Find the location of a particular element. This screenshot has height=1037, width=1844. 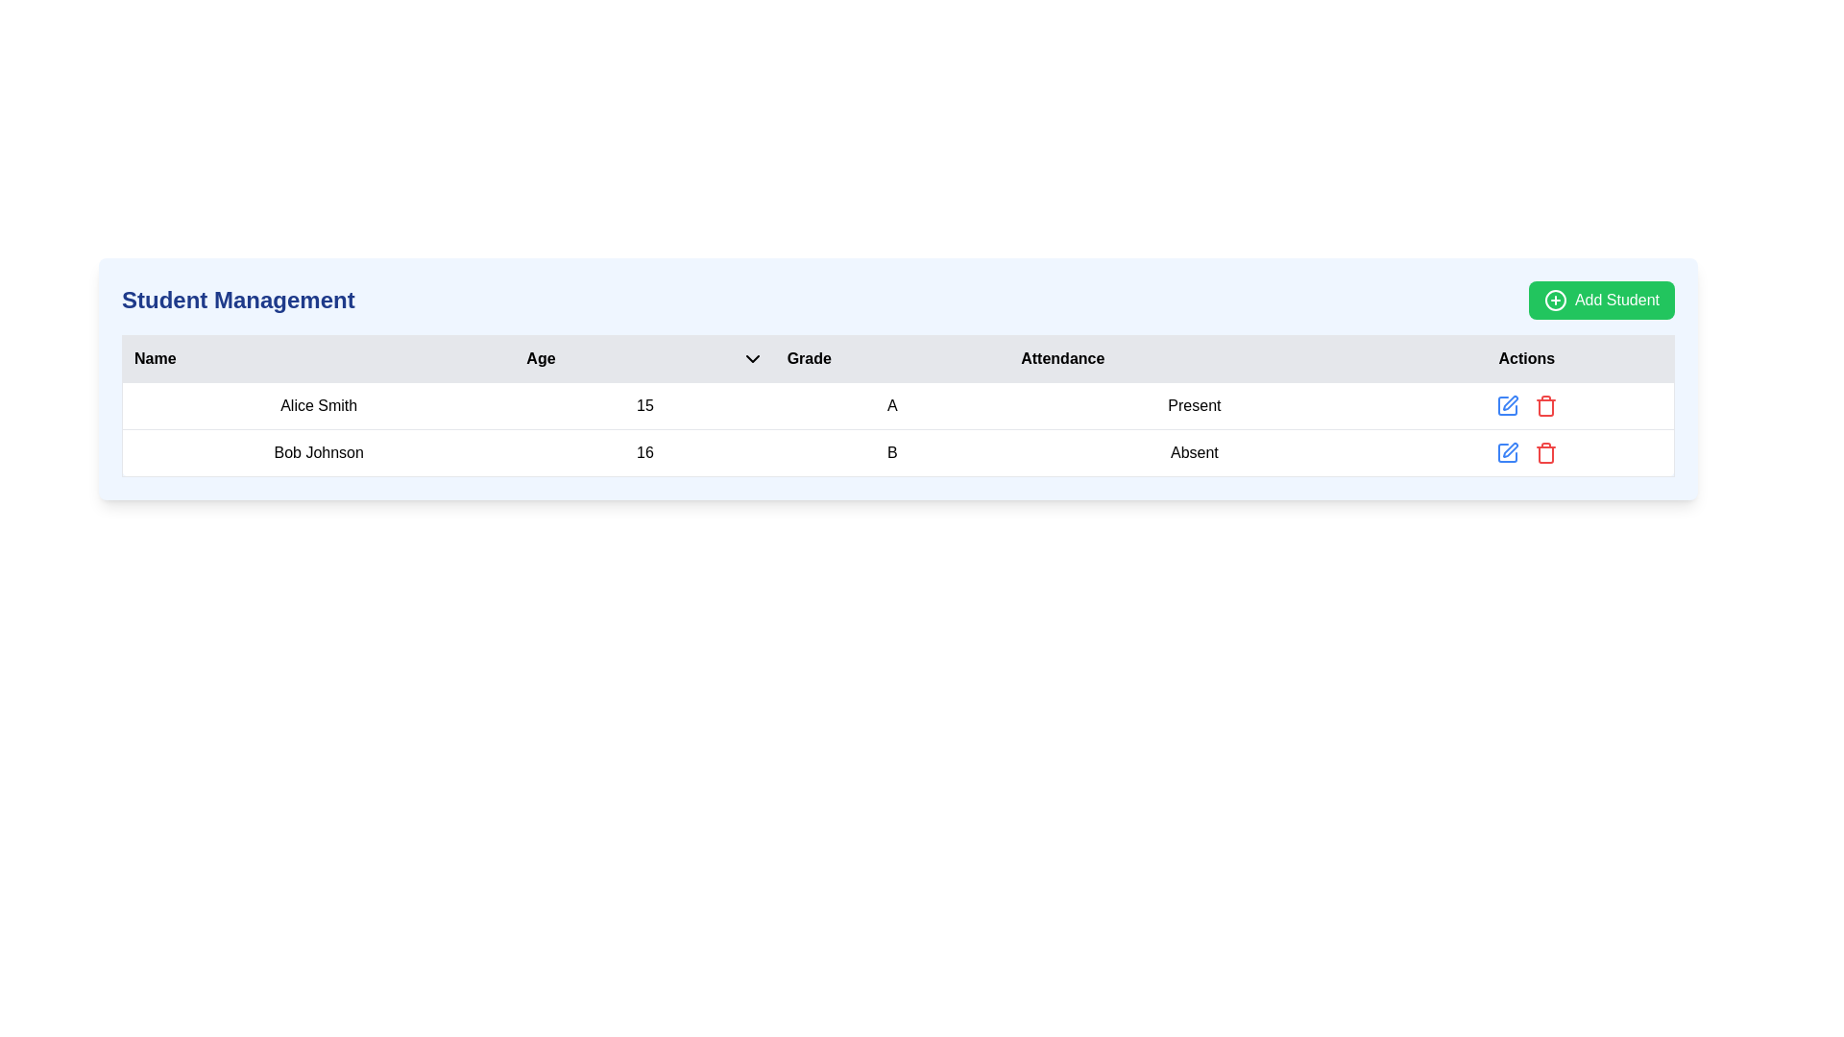

the grade cell displaying 'B' for student 'Bob Johnson' in the second row, third column of the table is located at coordinates (897, 452).